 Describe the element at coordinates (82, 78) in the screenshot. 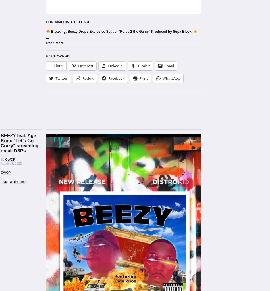

I see `'Reddit'` at that location.